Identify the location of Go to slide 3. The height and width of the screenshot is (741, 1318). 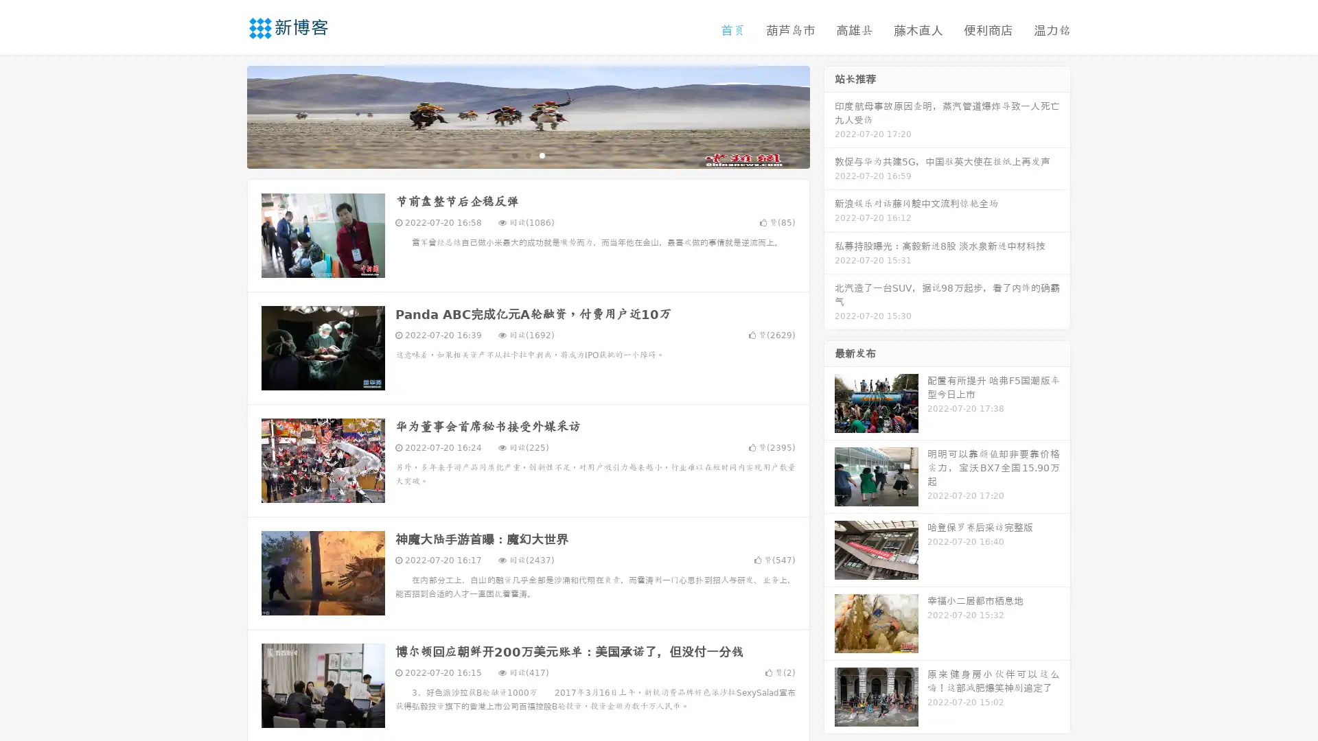
(542, 154).